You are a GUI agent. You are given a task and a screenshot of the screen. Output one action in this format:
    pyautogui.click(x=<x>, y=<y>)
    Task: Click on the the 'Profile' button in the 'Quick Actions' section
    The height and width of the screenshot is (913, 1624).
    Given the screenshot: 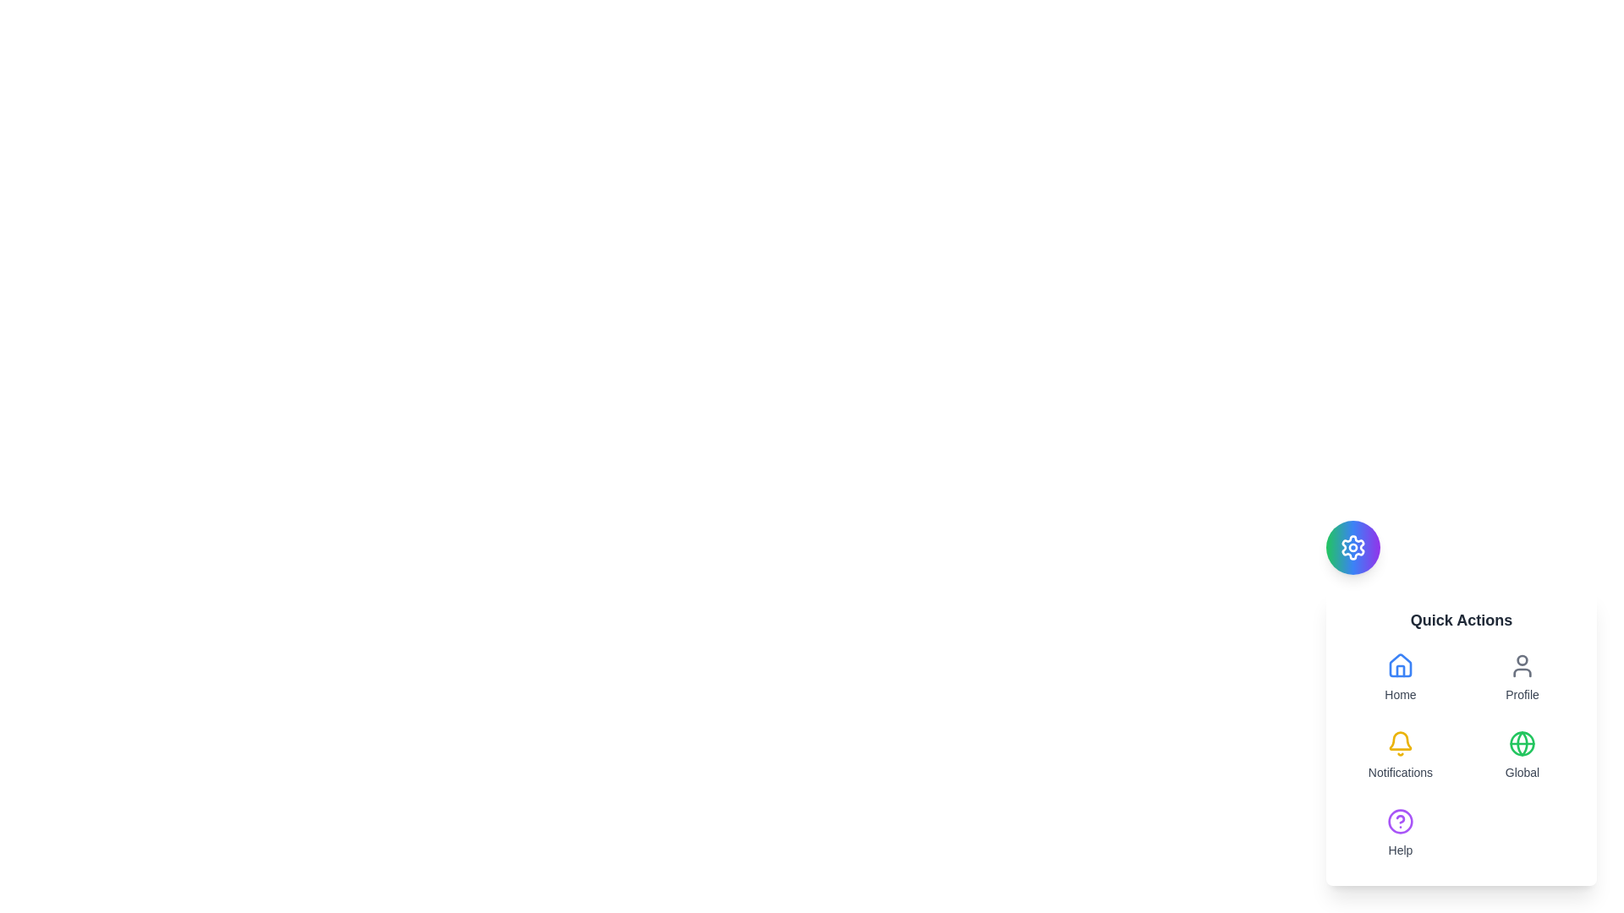 What is the action you would take?
    pyautogui.click(x=1522, y=677)
    